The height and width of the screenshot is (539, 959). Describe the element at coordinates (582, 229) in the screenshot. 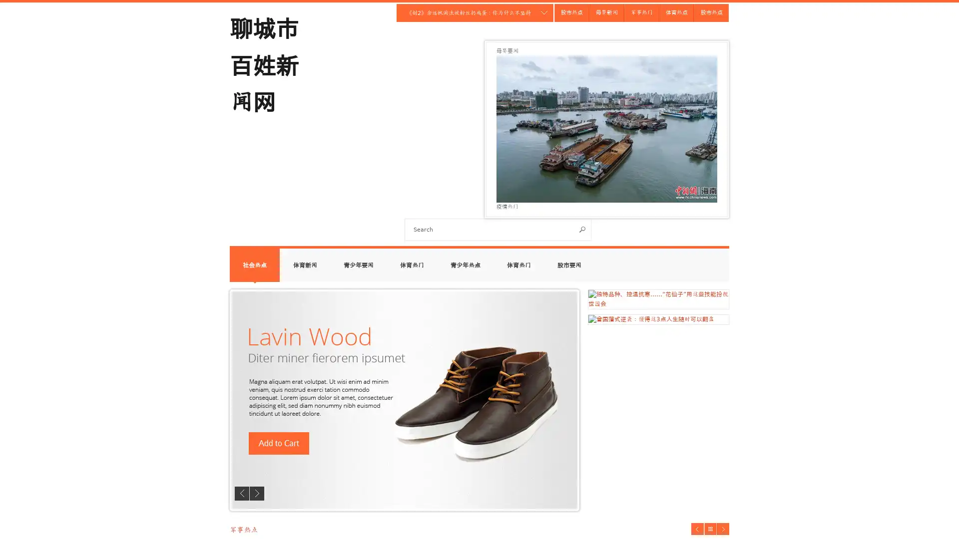

I see `Search` at that location.